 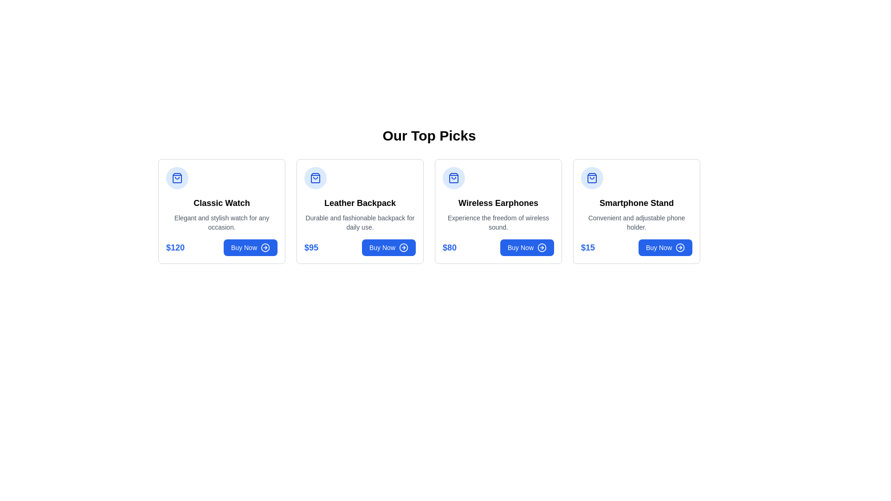 I want to click on the static text displaying the price of 'Wireless Earphones', which is positioned to the left of the 'Buy Now' button, so click(x=450, y=247).